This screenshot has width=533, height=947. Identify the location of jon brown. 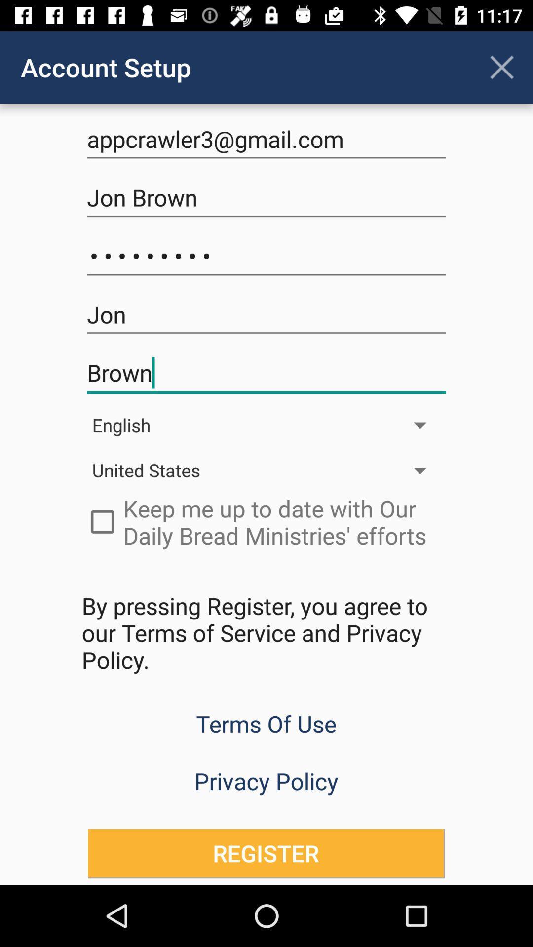
(266, 197).